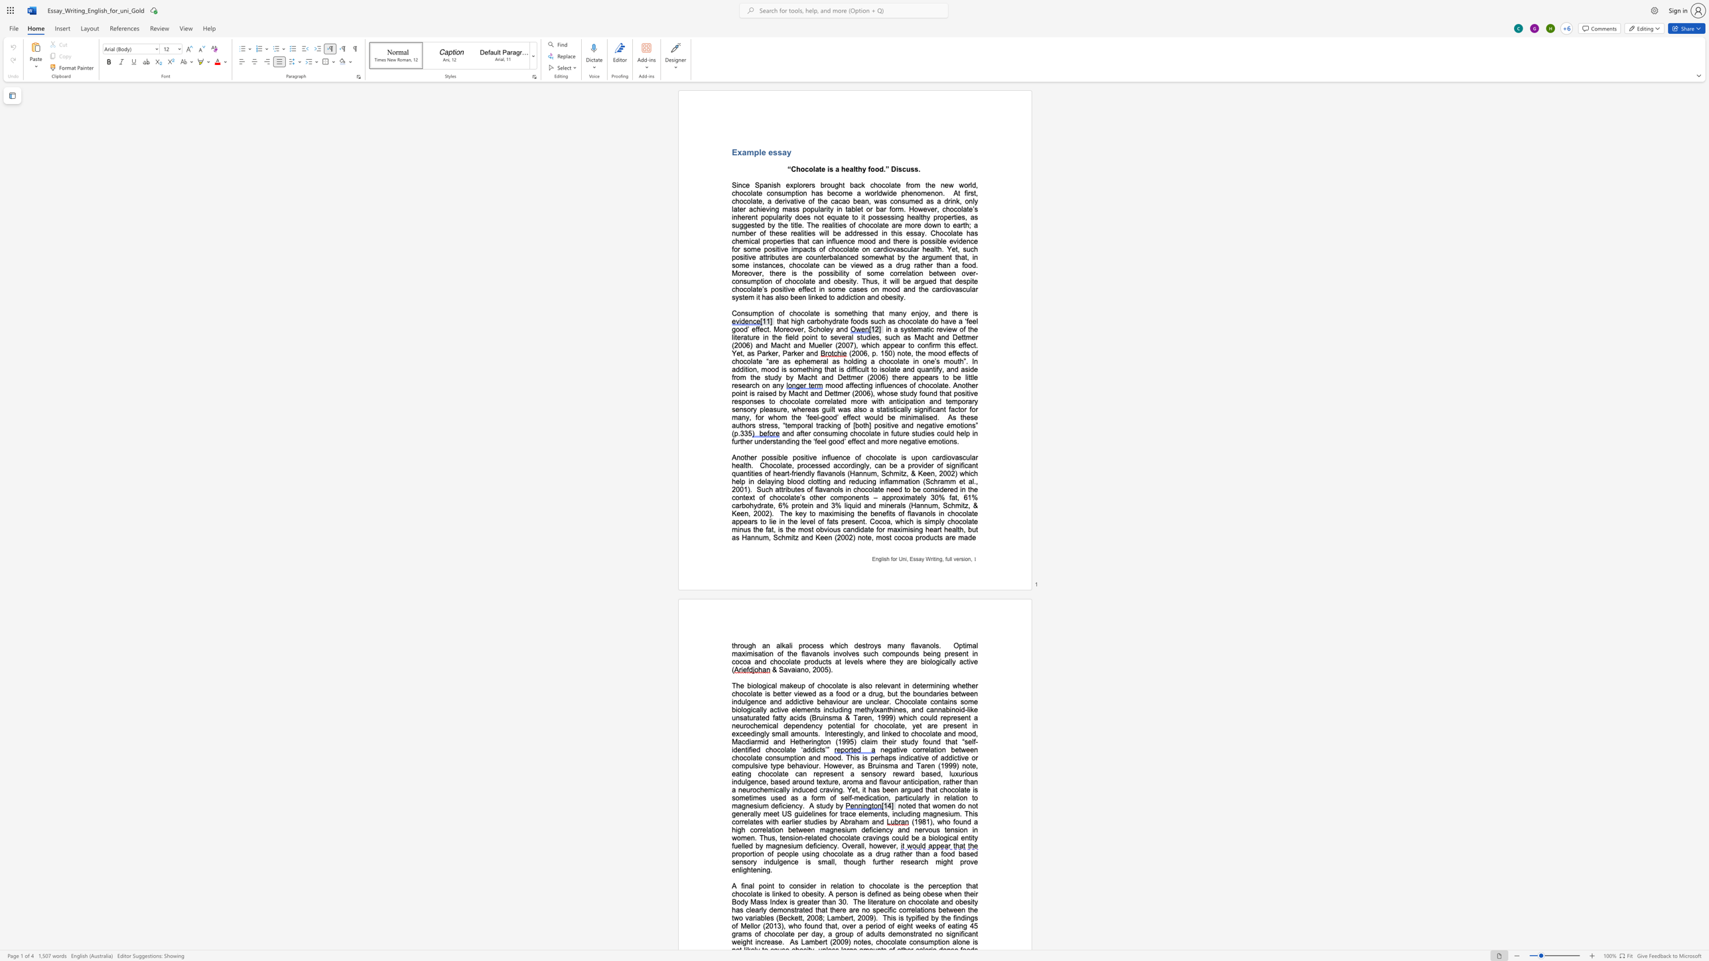 This screenshot has width=1709, height=961. What do you see at coordinates (933, 686) in the screenshot?
I see `the space between the continuous character "m" and "i" in the text` at bounding box center [933, 686].